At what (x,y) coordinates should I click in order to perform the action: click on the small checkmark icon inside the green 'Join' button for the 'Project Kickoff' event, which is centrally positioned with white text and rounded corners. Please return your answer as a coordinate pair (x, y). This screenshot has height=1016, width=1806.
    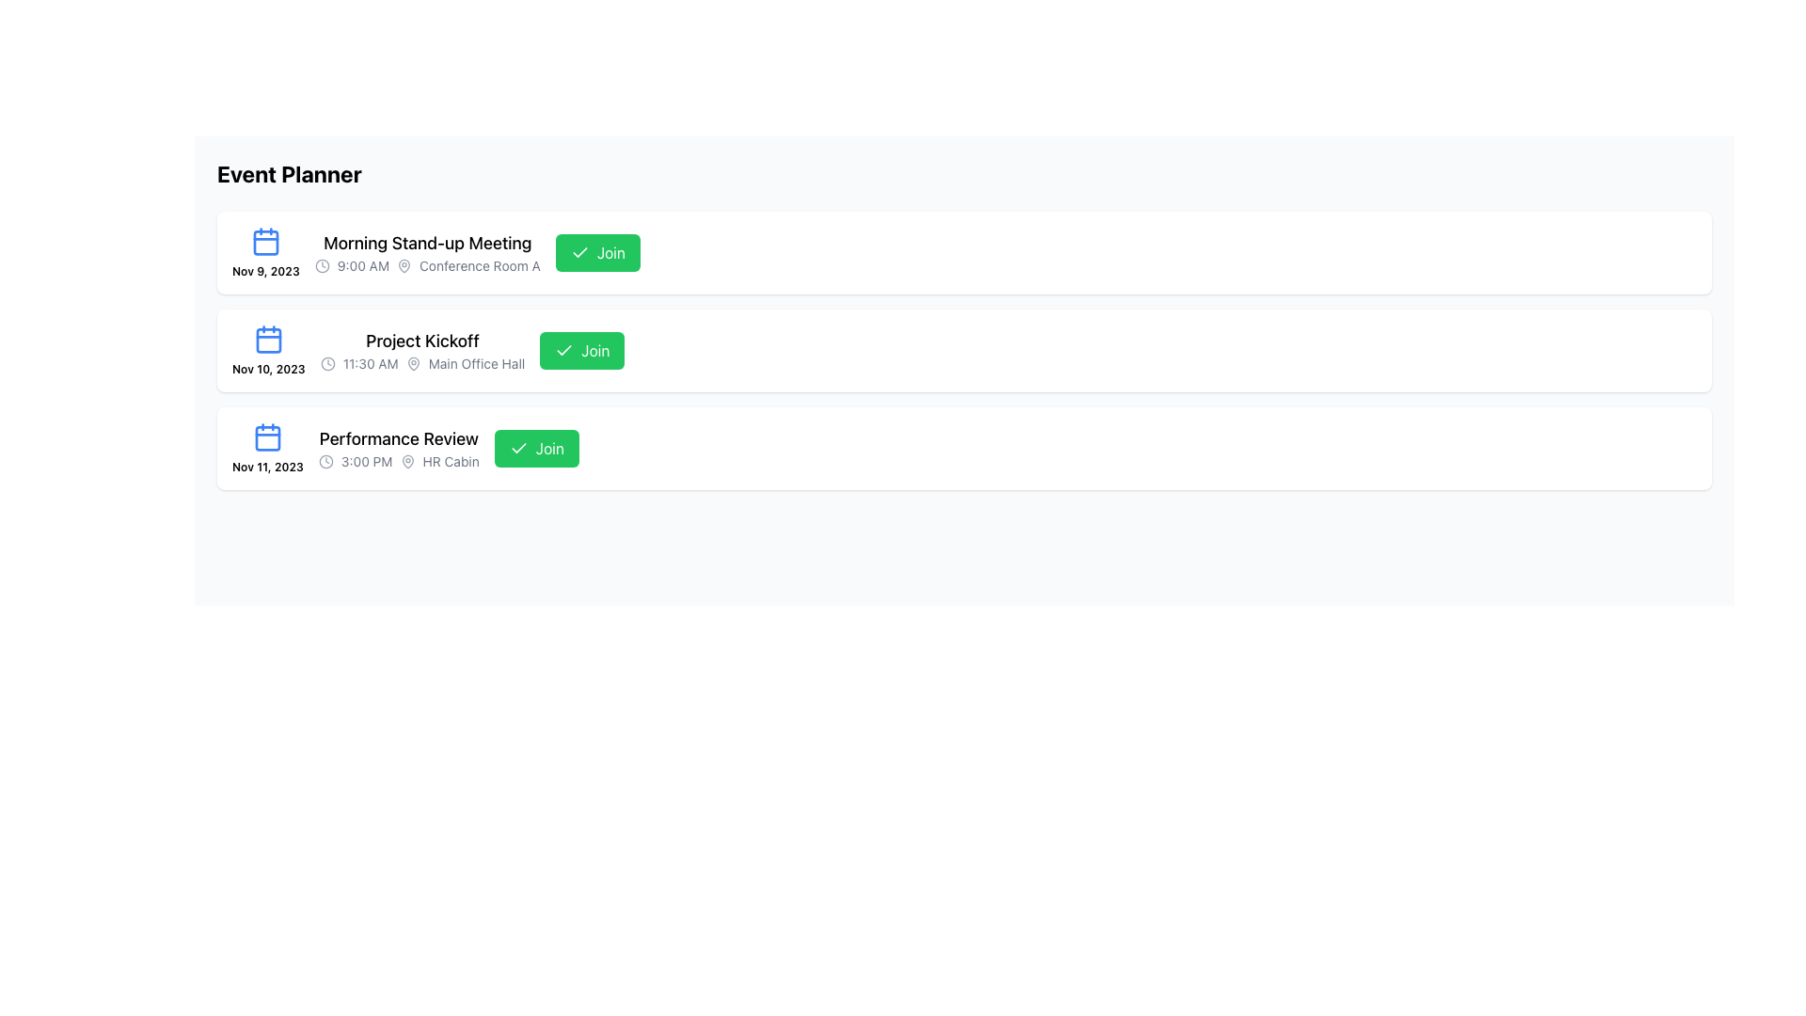
    Looking at the image, I should click on (578, 251).